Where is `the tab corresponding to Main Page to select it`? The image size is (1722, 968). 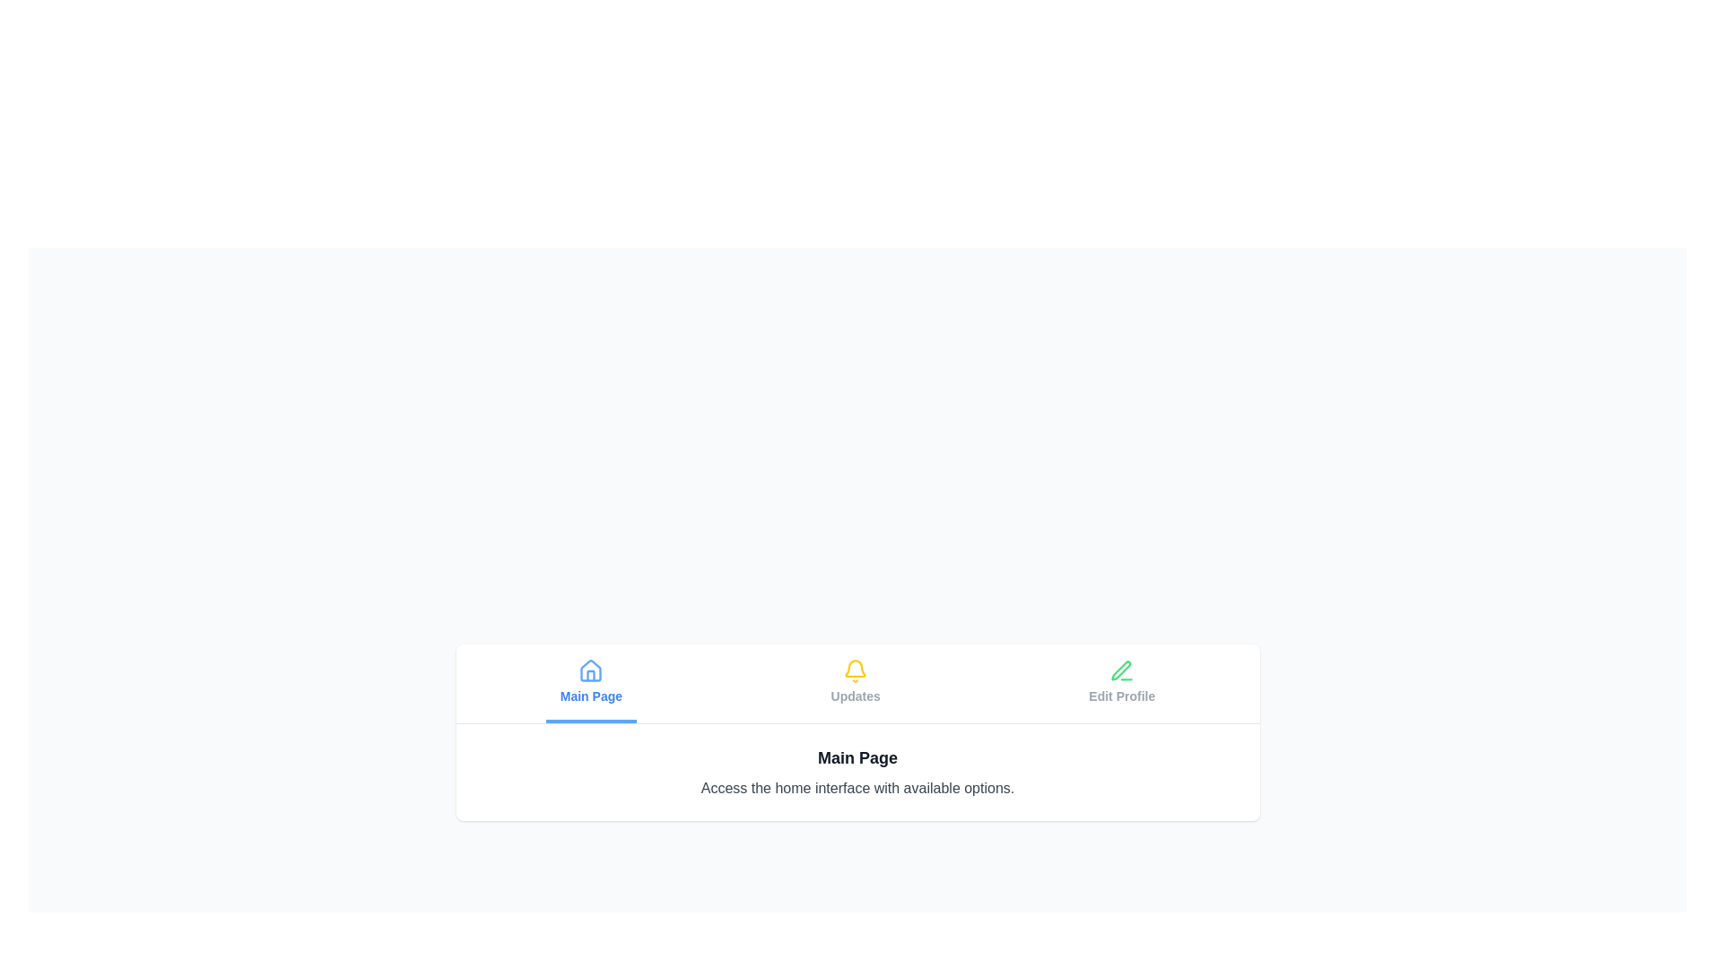 the tab corresponding to Main Page to select it is located at coordinates (591, 683).